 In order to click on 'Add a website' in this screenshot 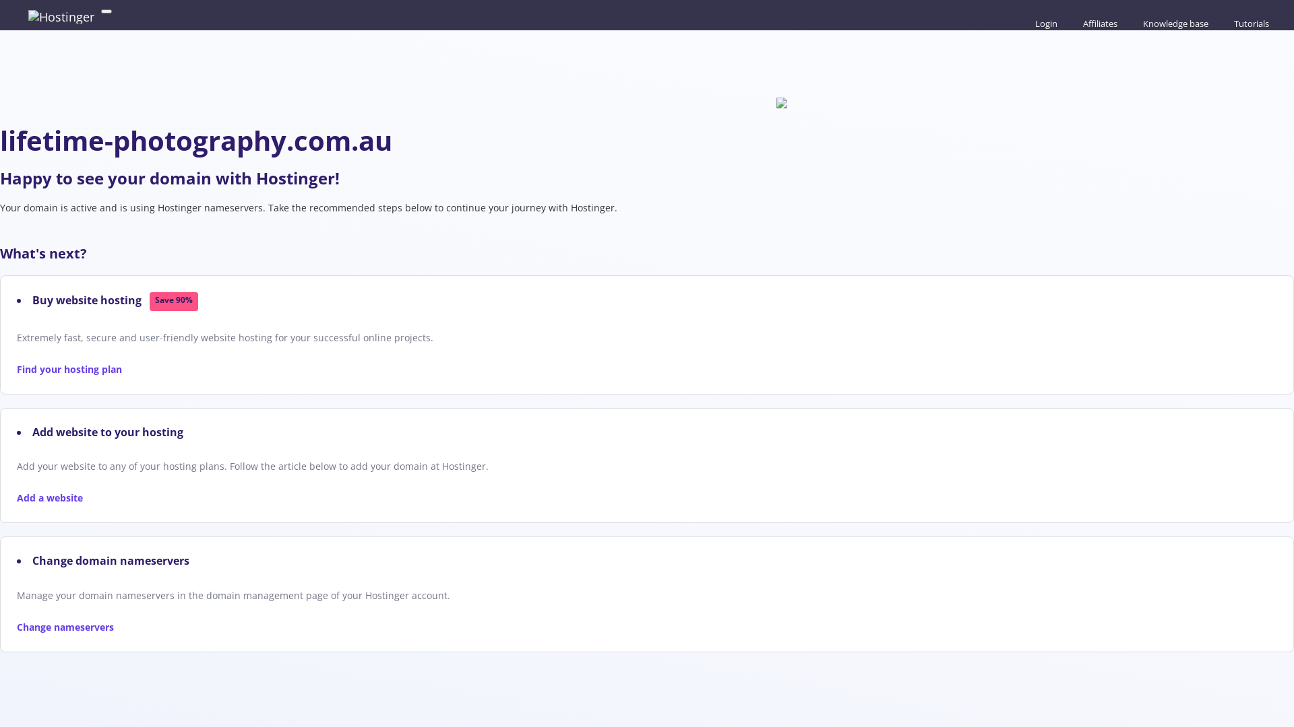, I will do `click(49, 497)`.